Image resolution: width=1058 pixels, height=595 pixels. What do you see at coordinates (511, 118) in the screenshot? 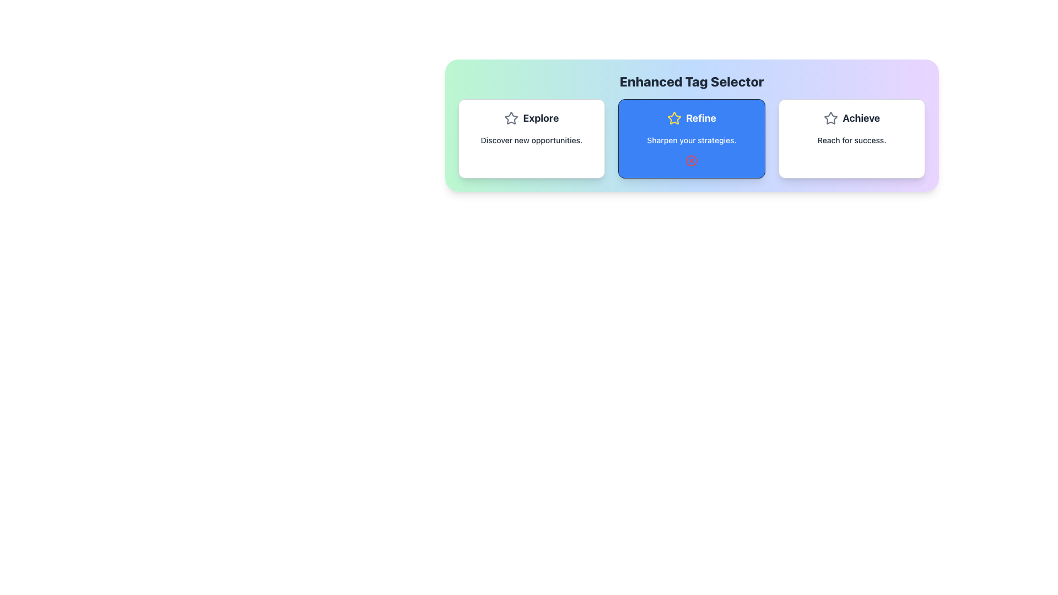
I see `the star-shaped icon with a gray border and hollow center located before the label 'Explore' for decorative purposes` at bounding box center [511, 118].